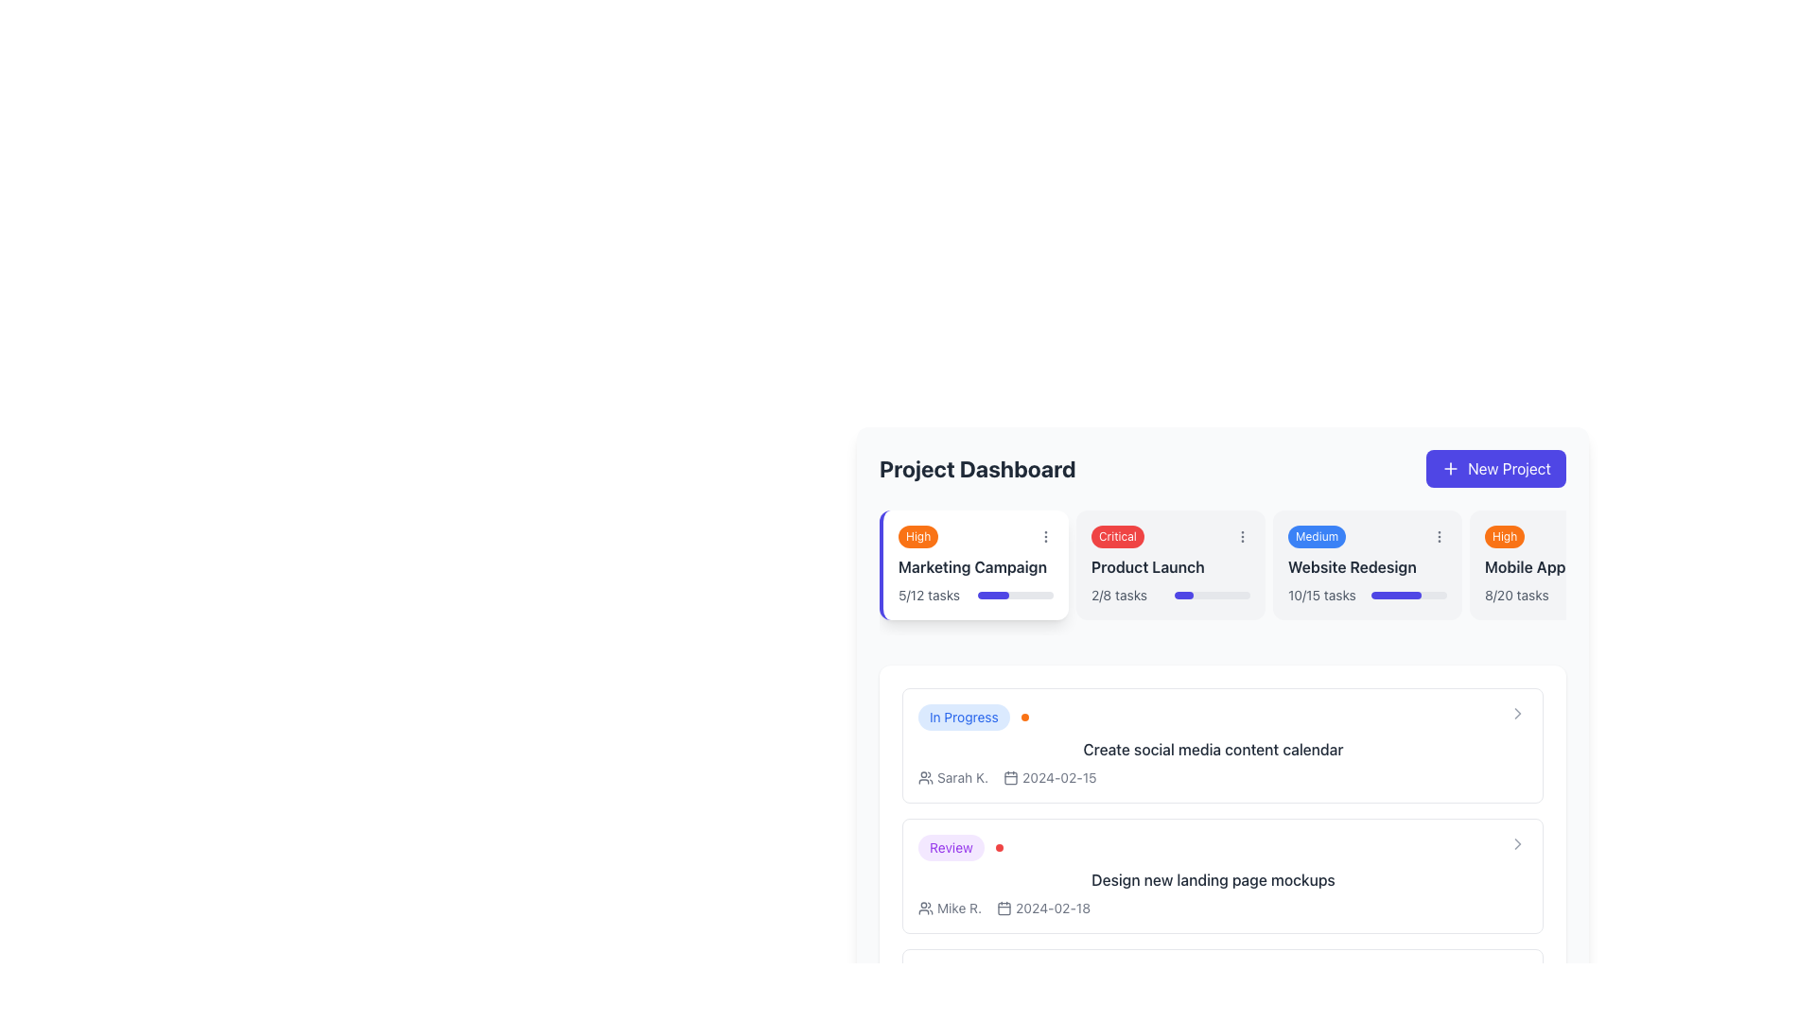 The image size is (1816, 1021). What do you see at coordinates (1004, 908) in the screenshot?
I see `the small, rounded-rectangle calendar icon that is part of a larger calendar icon, located adjacent to the date text under a user name` at bounding box center [1004, 908].